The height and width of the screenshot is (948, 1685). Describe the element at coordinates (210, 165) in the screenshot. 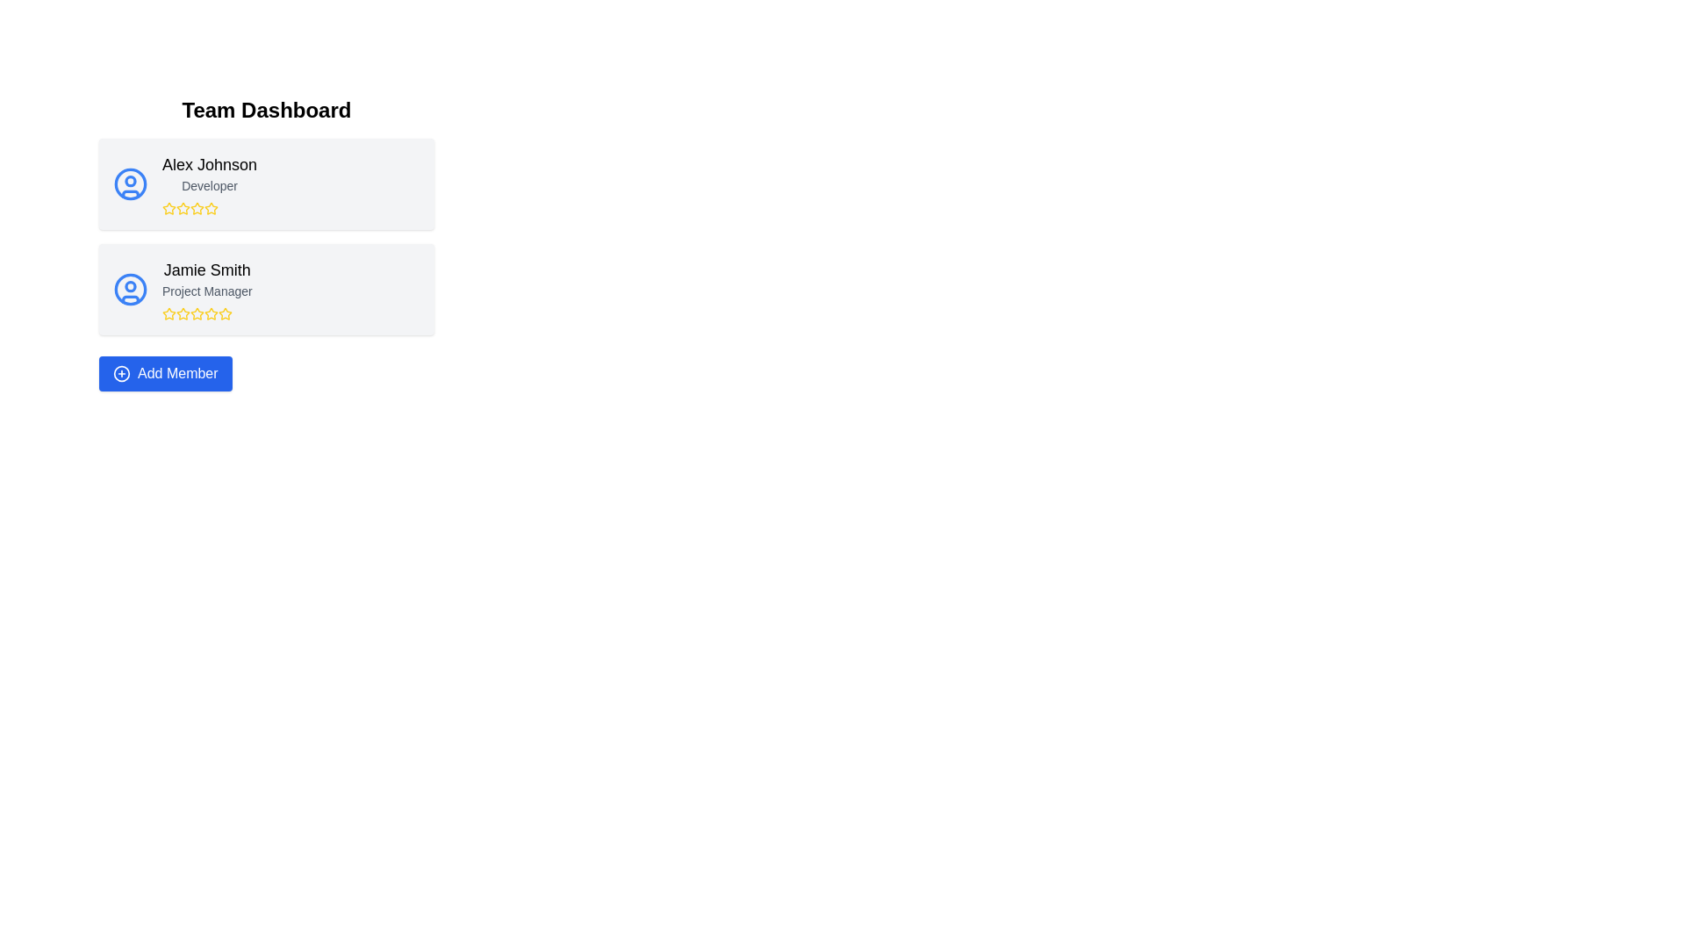

I see `the text label 'Alex Johnson', which is styled in bold and larger font, positioned above the 'Developer' text in the profile section` at that location.